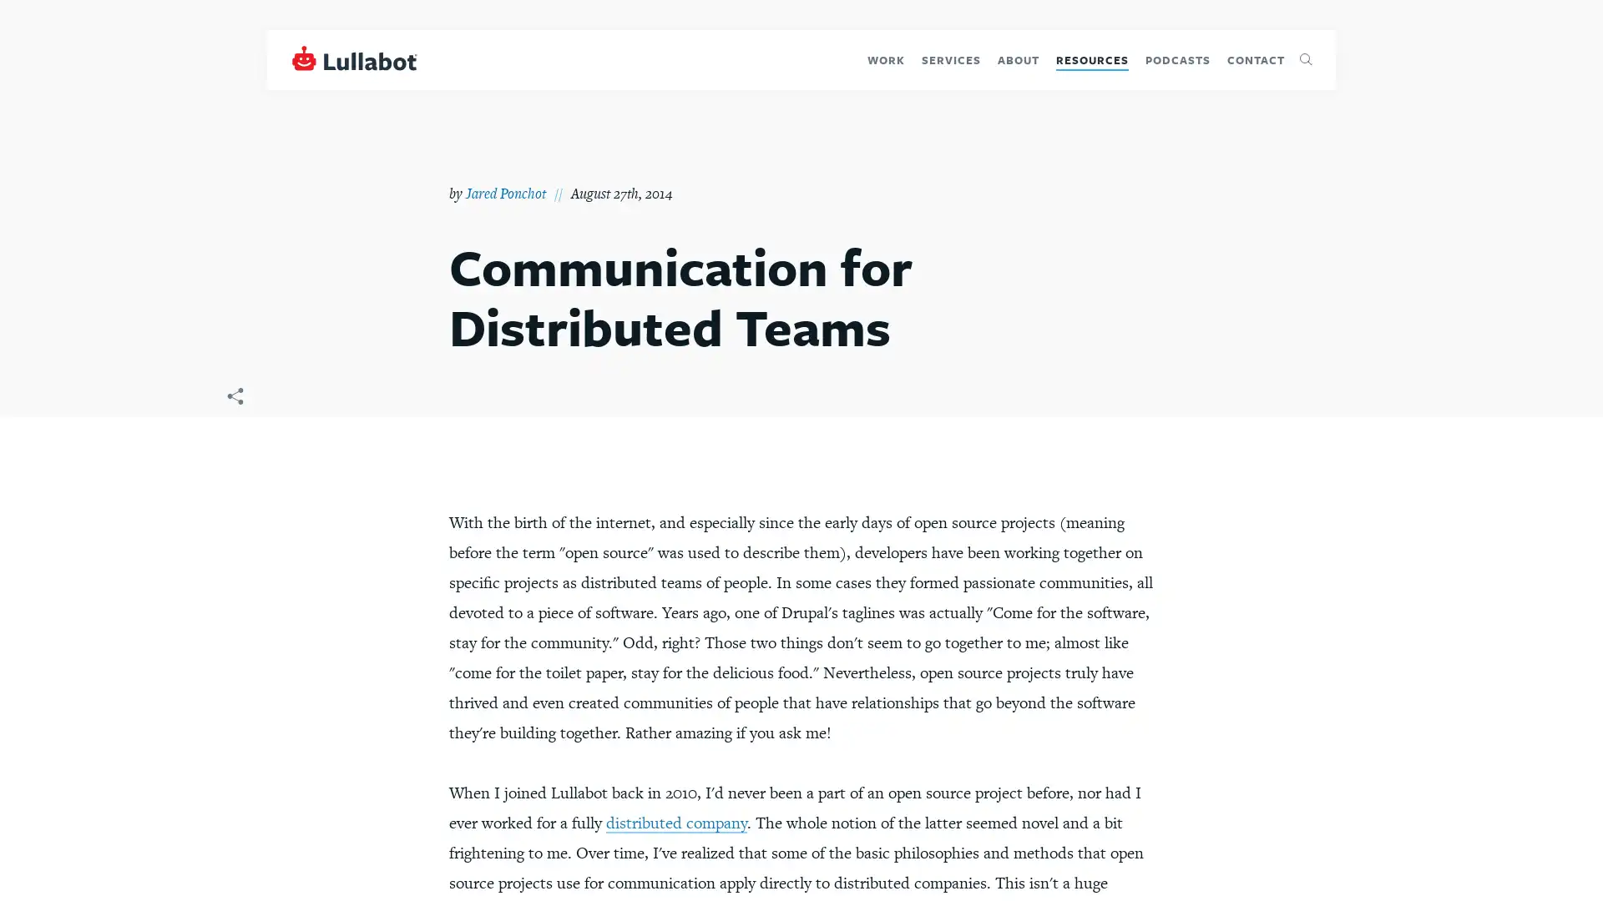 This screenshot has width=1603, height=901. I want to click on Tweet on Twitter, so click(221, 467).